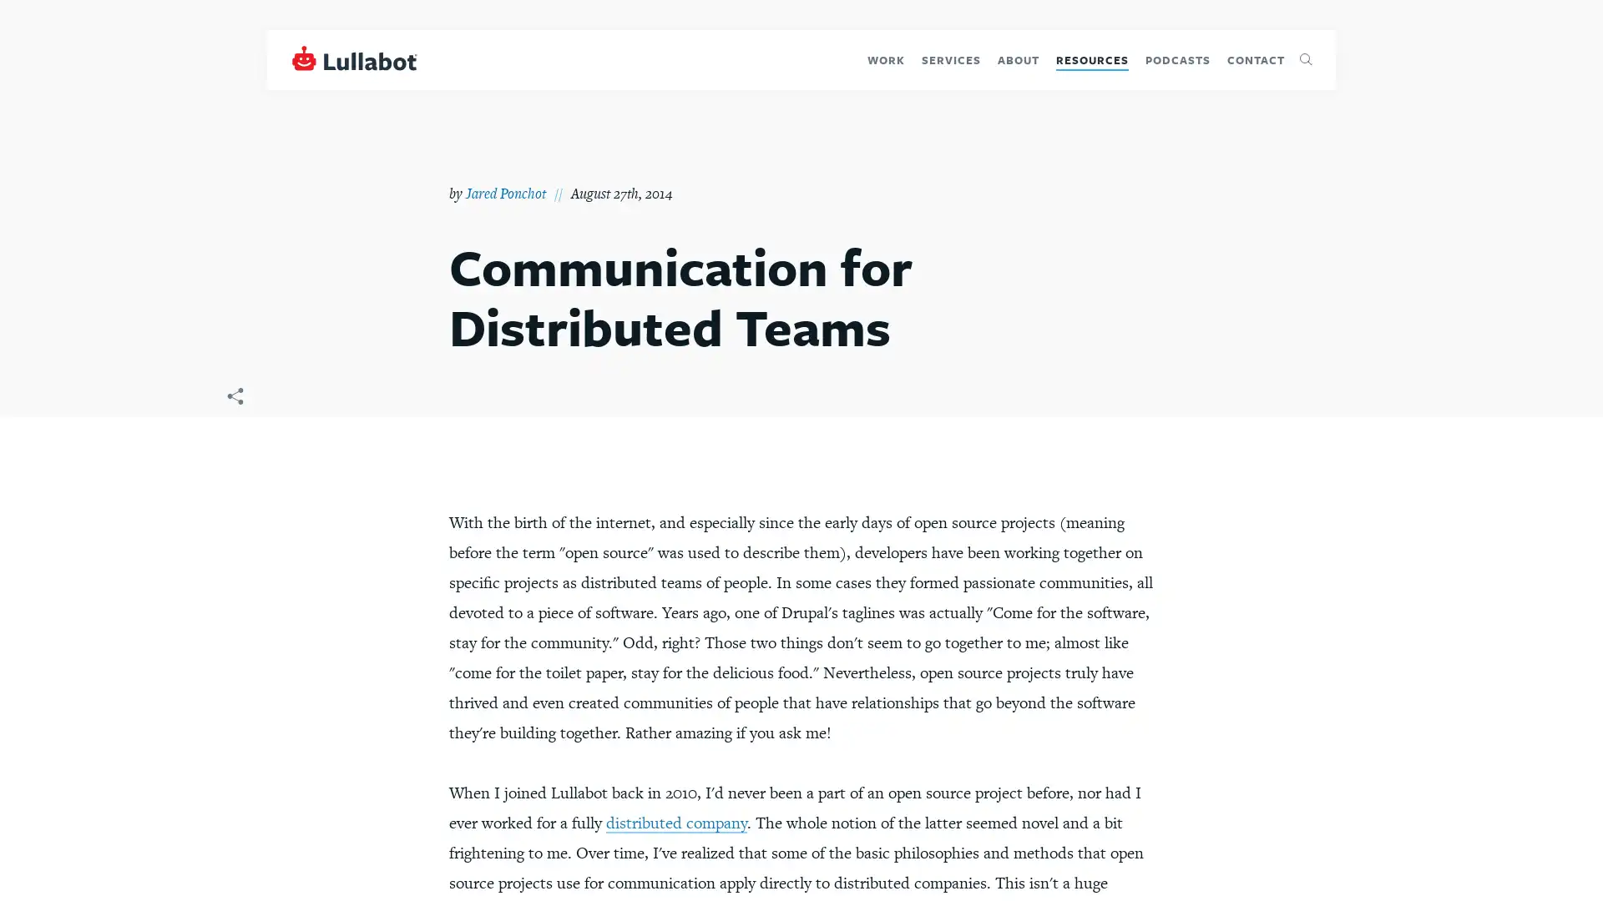 This screenshot has width=1603, height=901. I want to click on Tweet on Twitter, so click(221, 467).